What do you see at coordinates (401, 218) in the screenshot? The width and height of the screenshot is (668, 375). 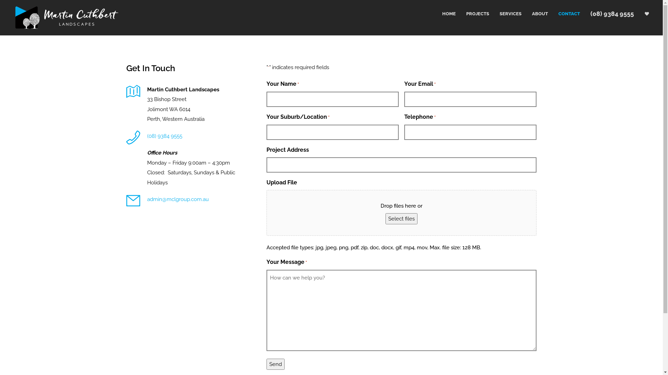 I see `'Select files'` at bounding box center [401, 218].